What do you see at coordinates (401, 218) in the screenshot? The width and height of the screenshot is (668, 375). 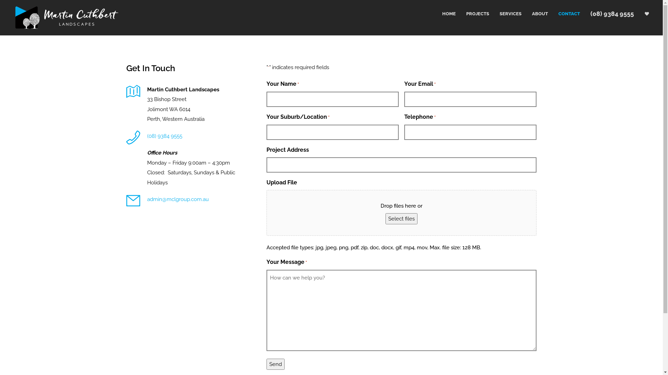 I see `'Select files'` at bounding box center [401, 218].